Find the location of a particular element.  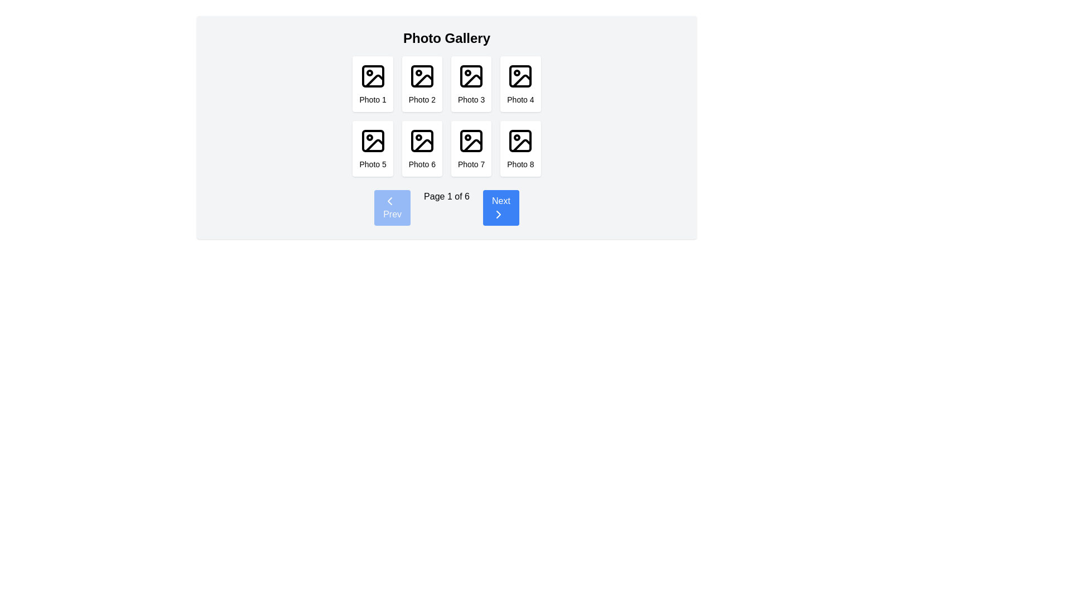

the icon located in the second image placeholder of the photo grid section, which provides visual representation for the image slot is located at coordinates (423, 80).